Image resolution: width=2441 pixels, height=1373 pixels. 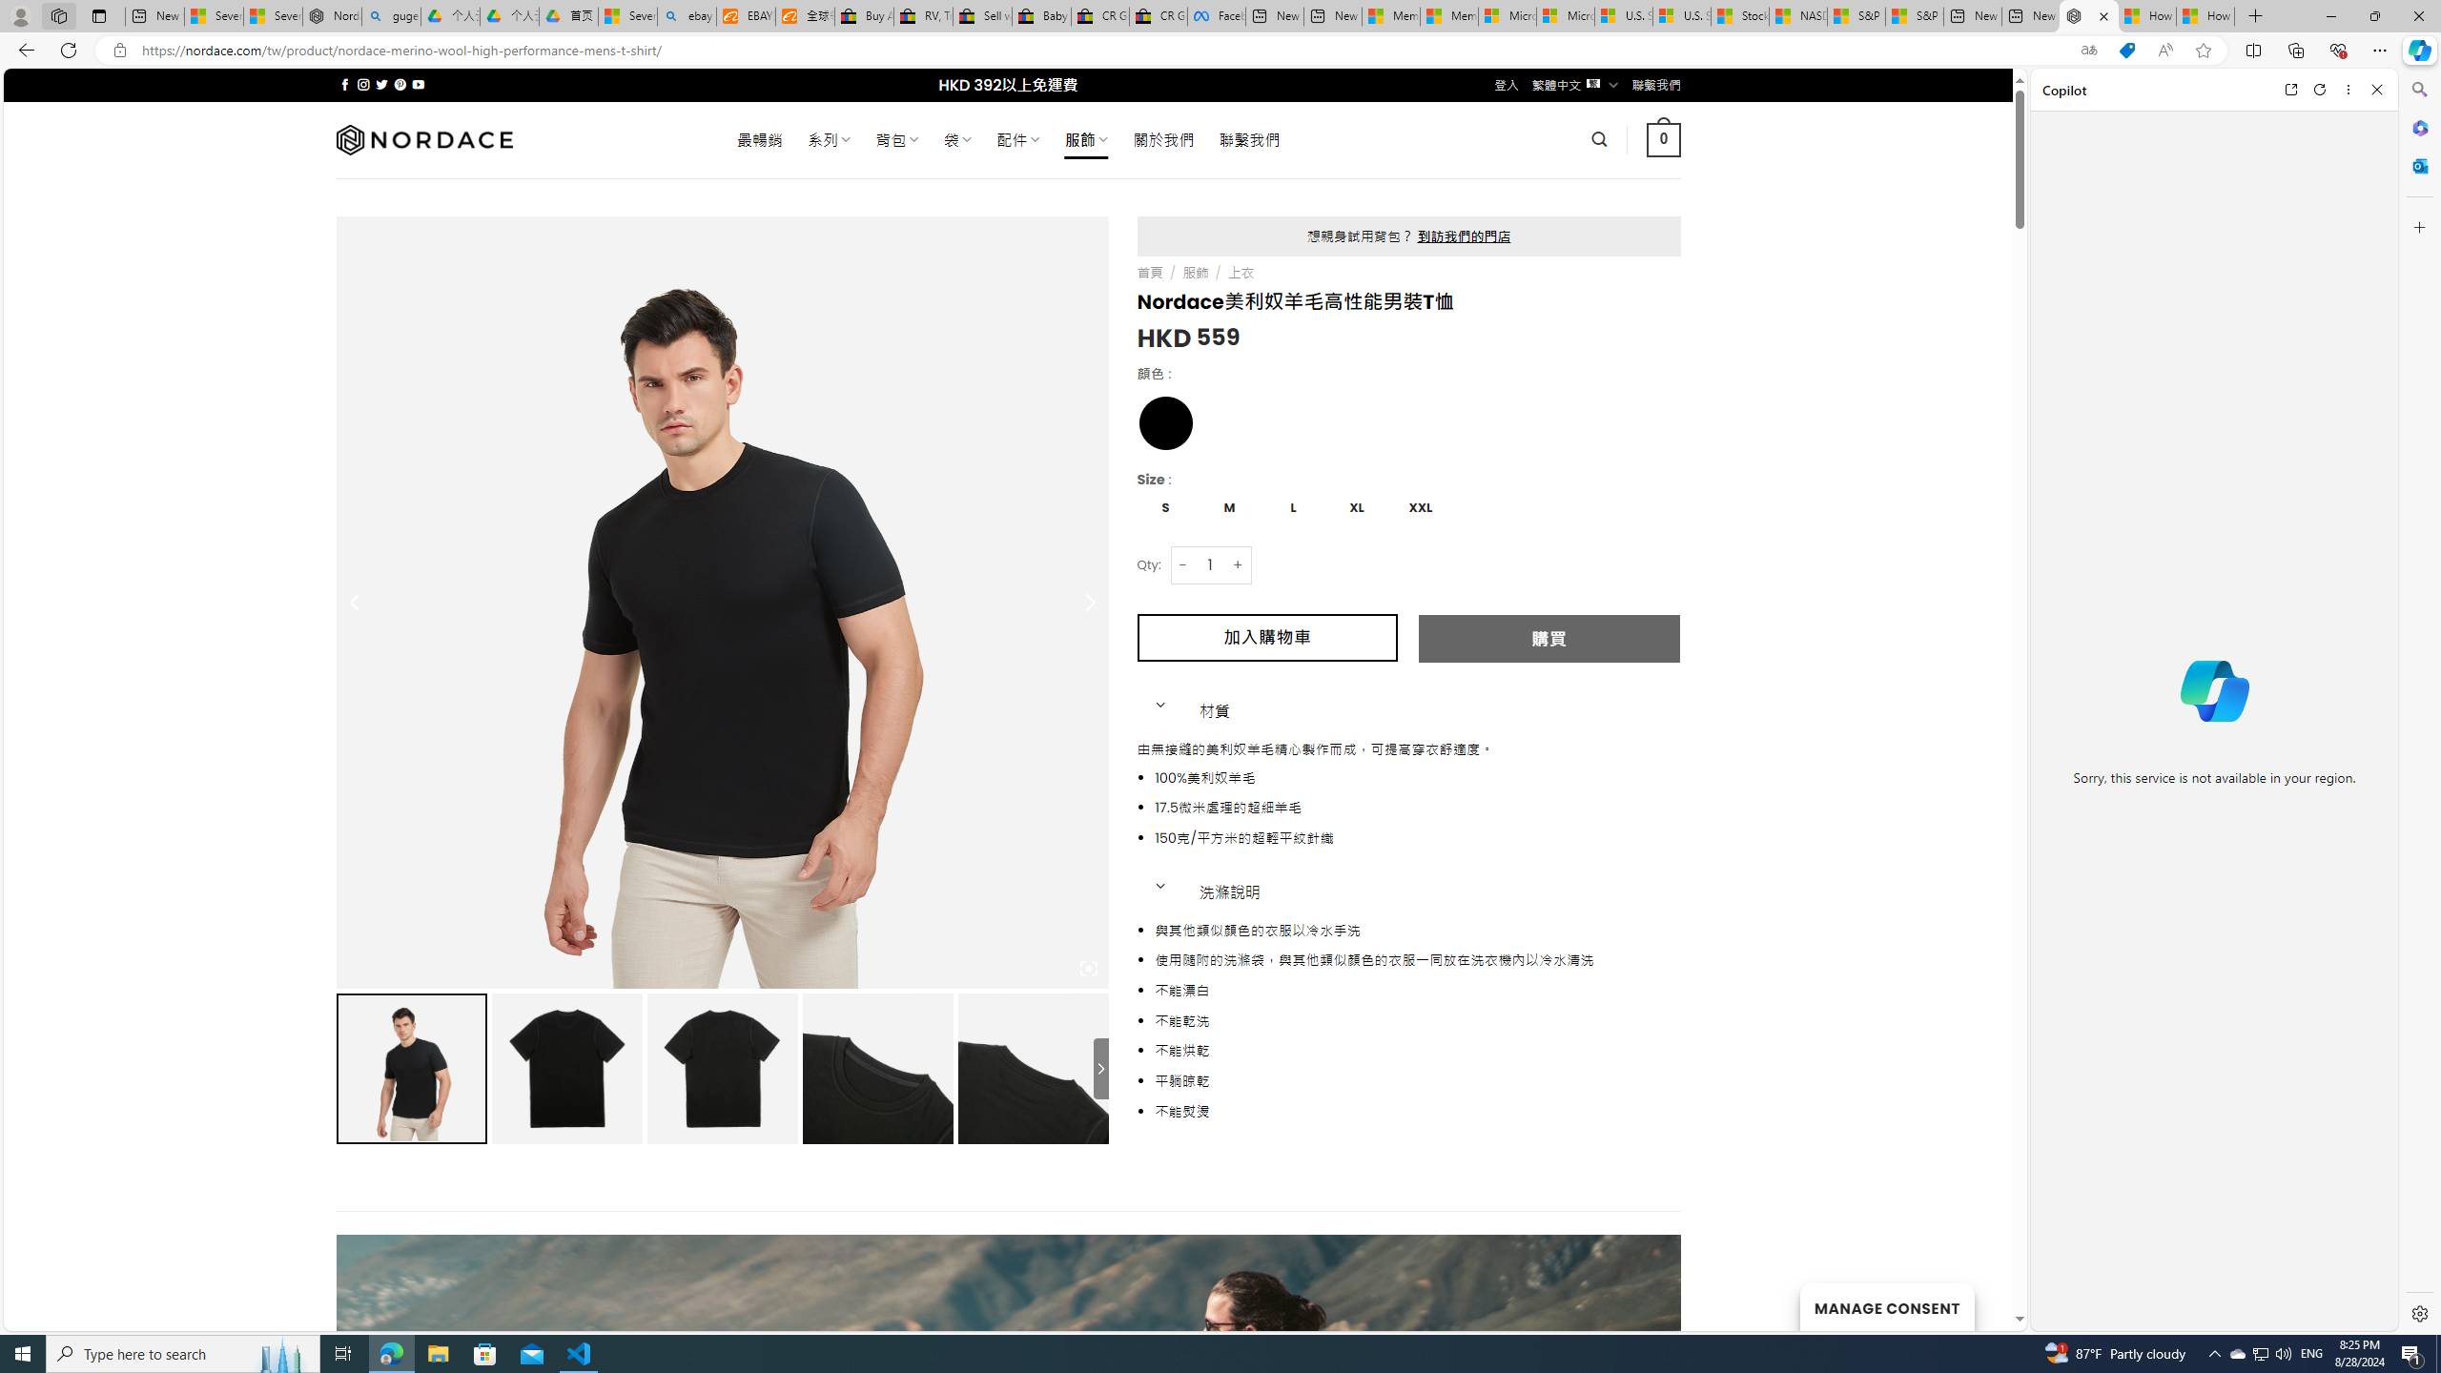 What do you see at coordinates (1663, 138) in the screenshot?
I see `' 0 '` at bounding box center [1663, 138].